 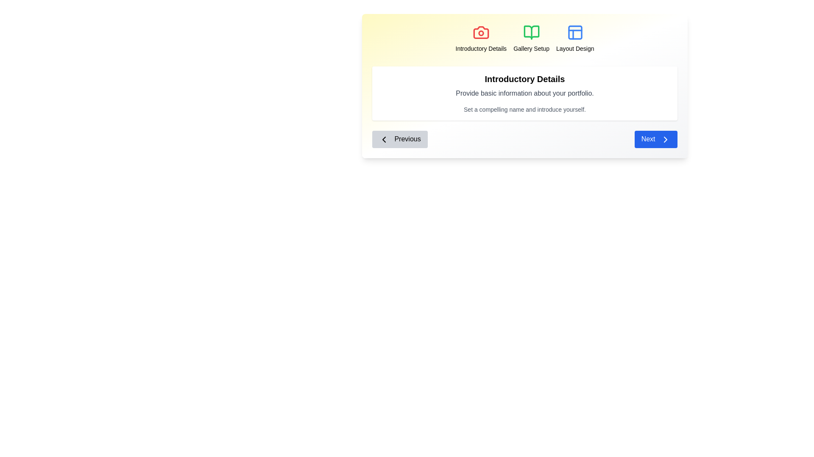 What do you see at coordinates (481, 33) in the screenshot?
I see `the circular element within the camera icon located at the top-left corner of the interface` at bounding box center [481, 33].